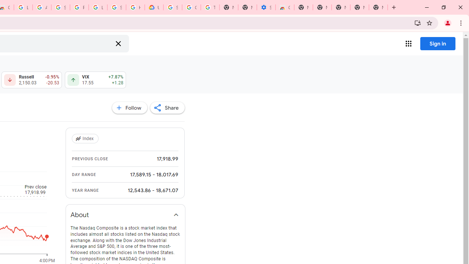 The image size is (469, 264). Describe the element at coordinates (86, 139) in the screenshot. I see `'Index'` at that location.